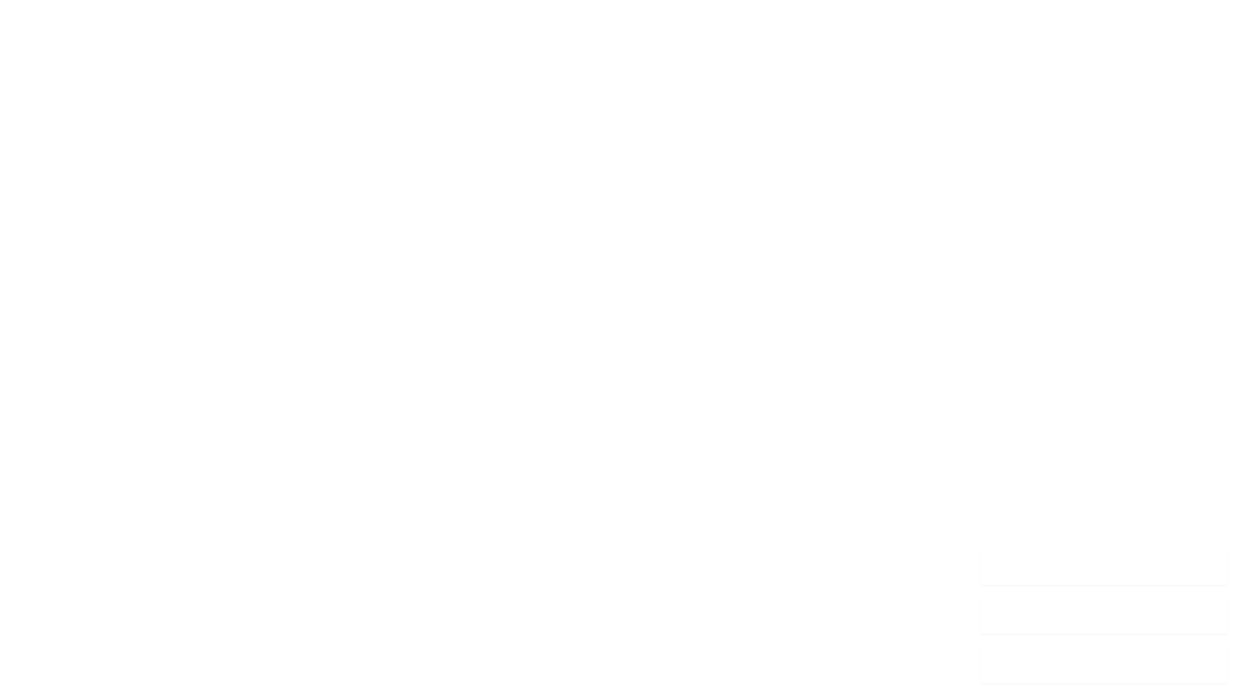 This screenshot has width=1244, height=699. What do you see at coordinates (1214, 565) in the screenshot?
I see `the dismiss button located at the far right of the notification message` at bounding box center [1214, 565].